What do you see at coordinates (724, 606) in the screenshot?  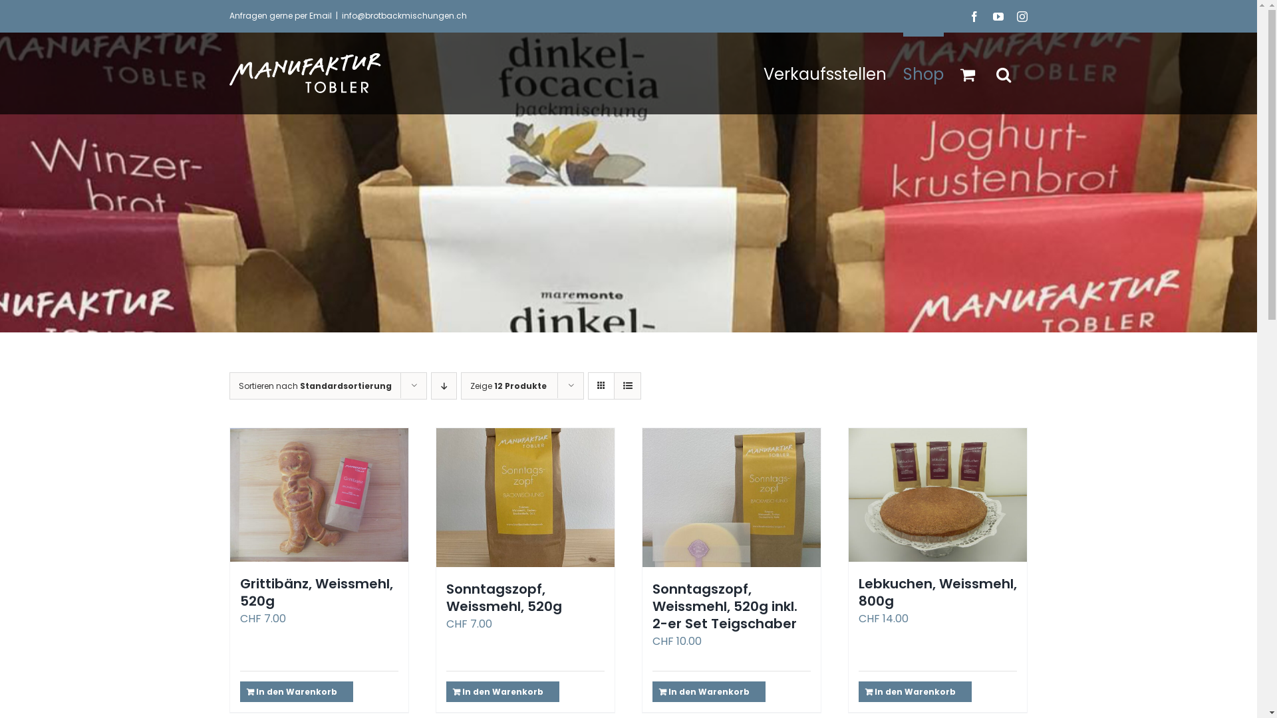 I see `'Sonntagszopf, Weissmehl, 520g inkl. 2-er Set Teigschaber'` at bounding box center [724, 606].